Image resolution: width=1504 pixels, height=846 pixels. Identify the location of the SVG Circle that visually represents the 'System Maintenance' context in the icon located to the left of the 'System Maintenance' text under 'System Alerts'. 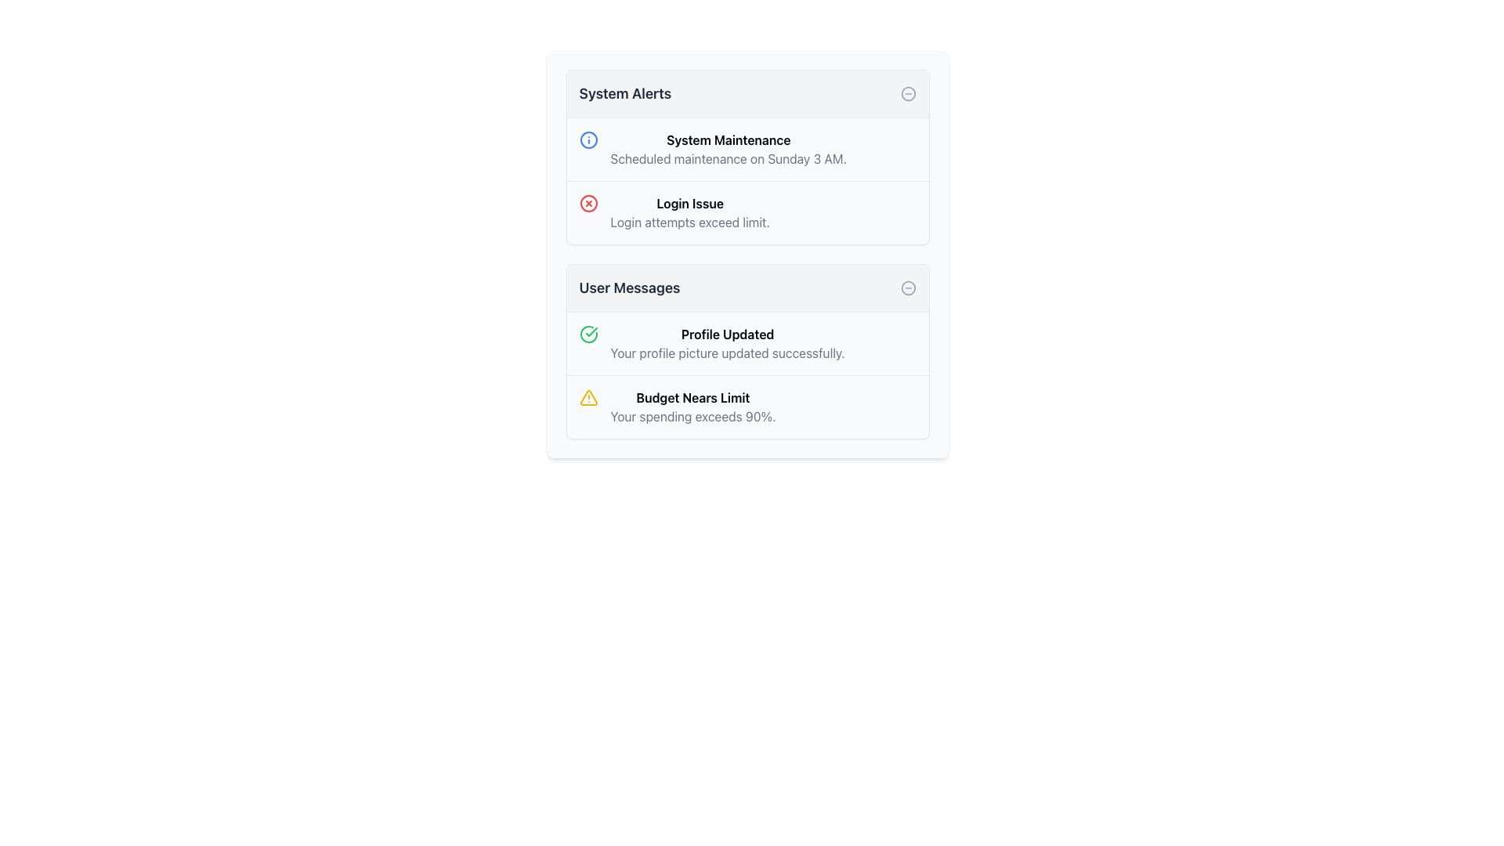
(587, 139).